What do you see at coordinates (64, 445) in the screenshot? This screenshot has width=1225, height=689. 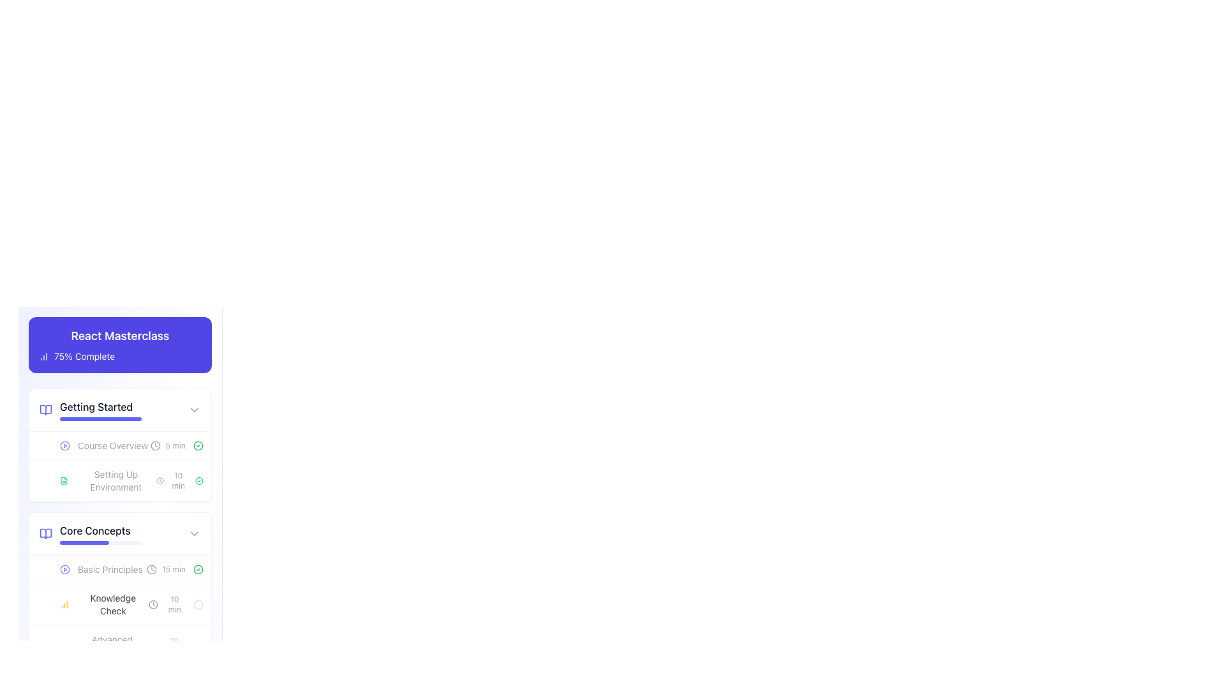 I see `SVG circle element that serves as the decorative component of the play button icon located at the center of its bounding box` at bounding box center [64, 445].